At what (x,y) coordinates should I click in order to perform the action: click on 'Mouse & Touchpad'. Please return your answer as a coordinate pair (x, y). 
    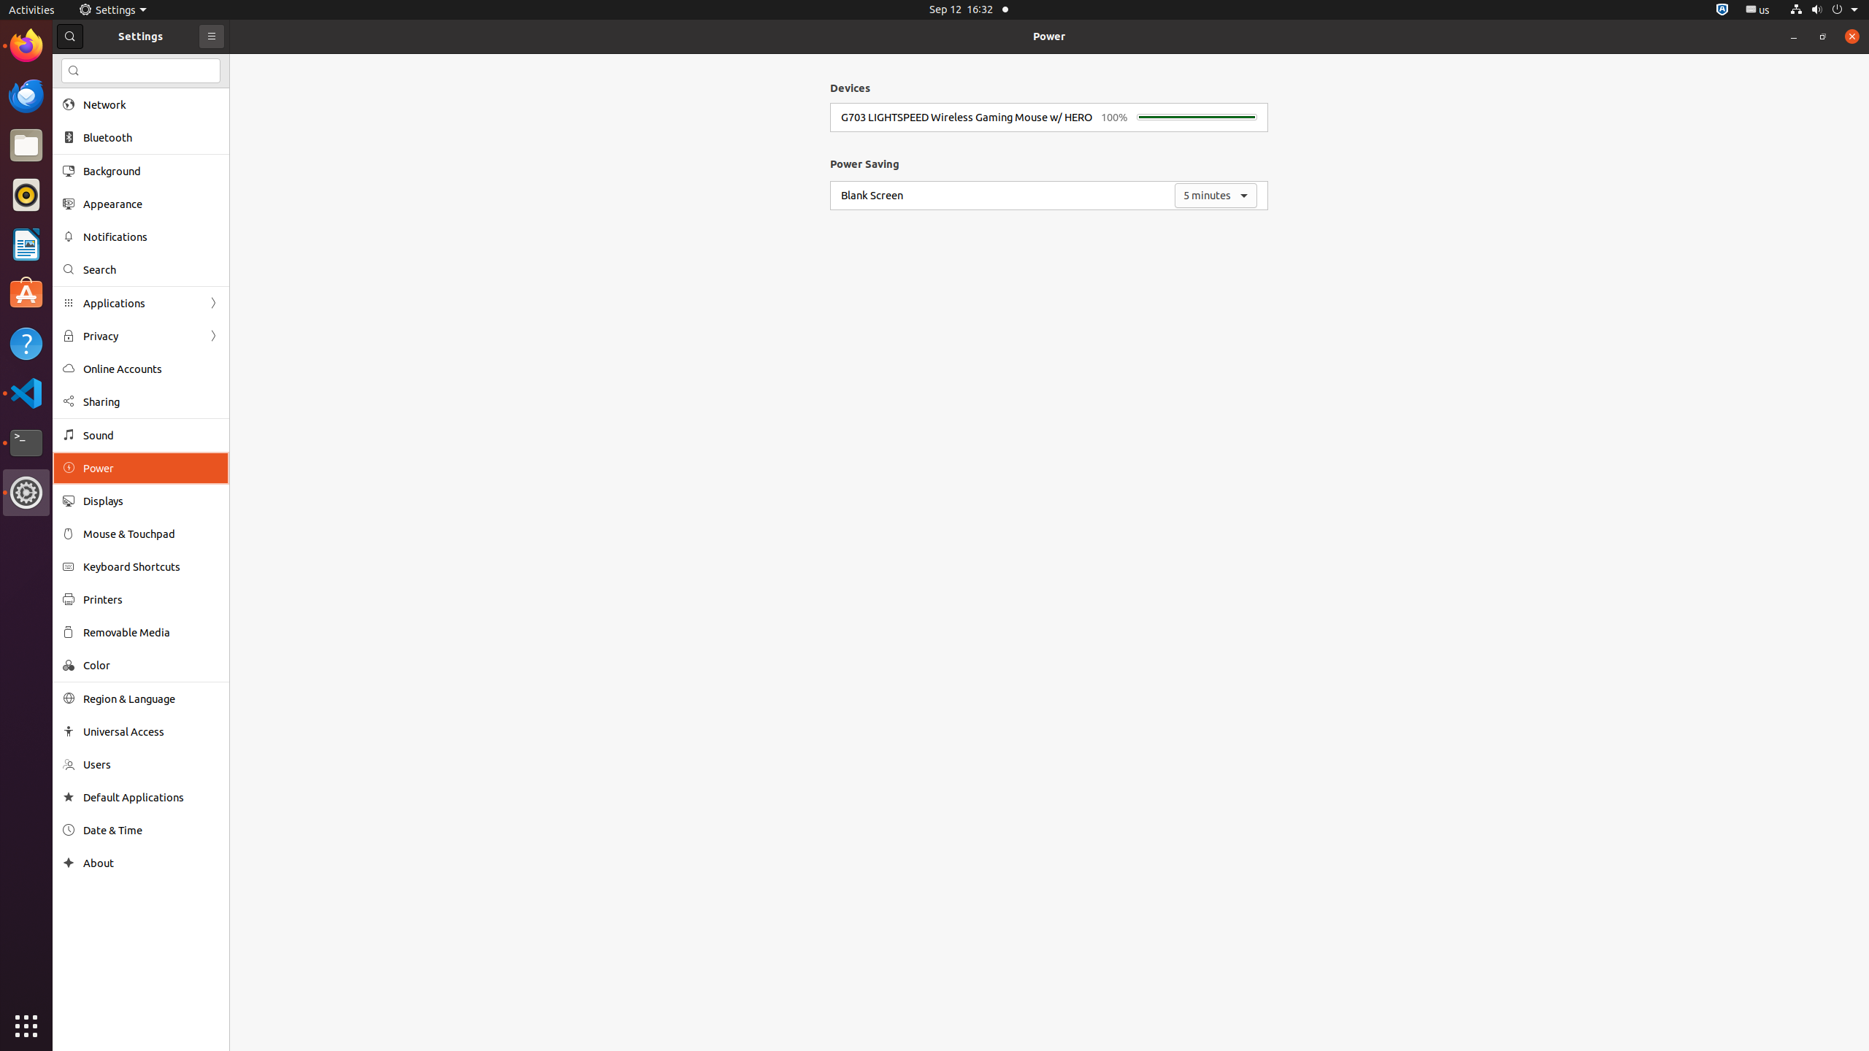
    Looking at the image, I should click on (151, 534).